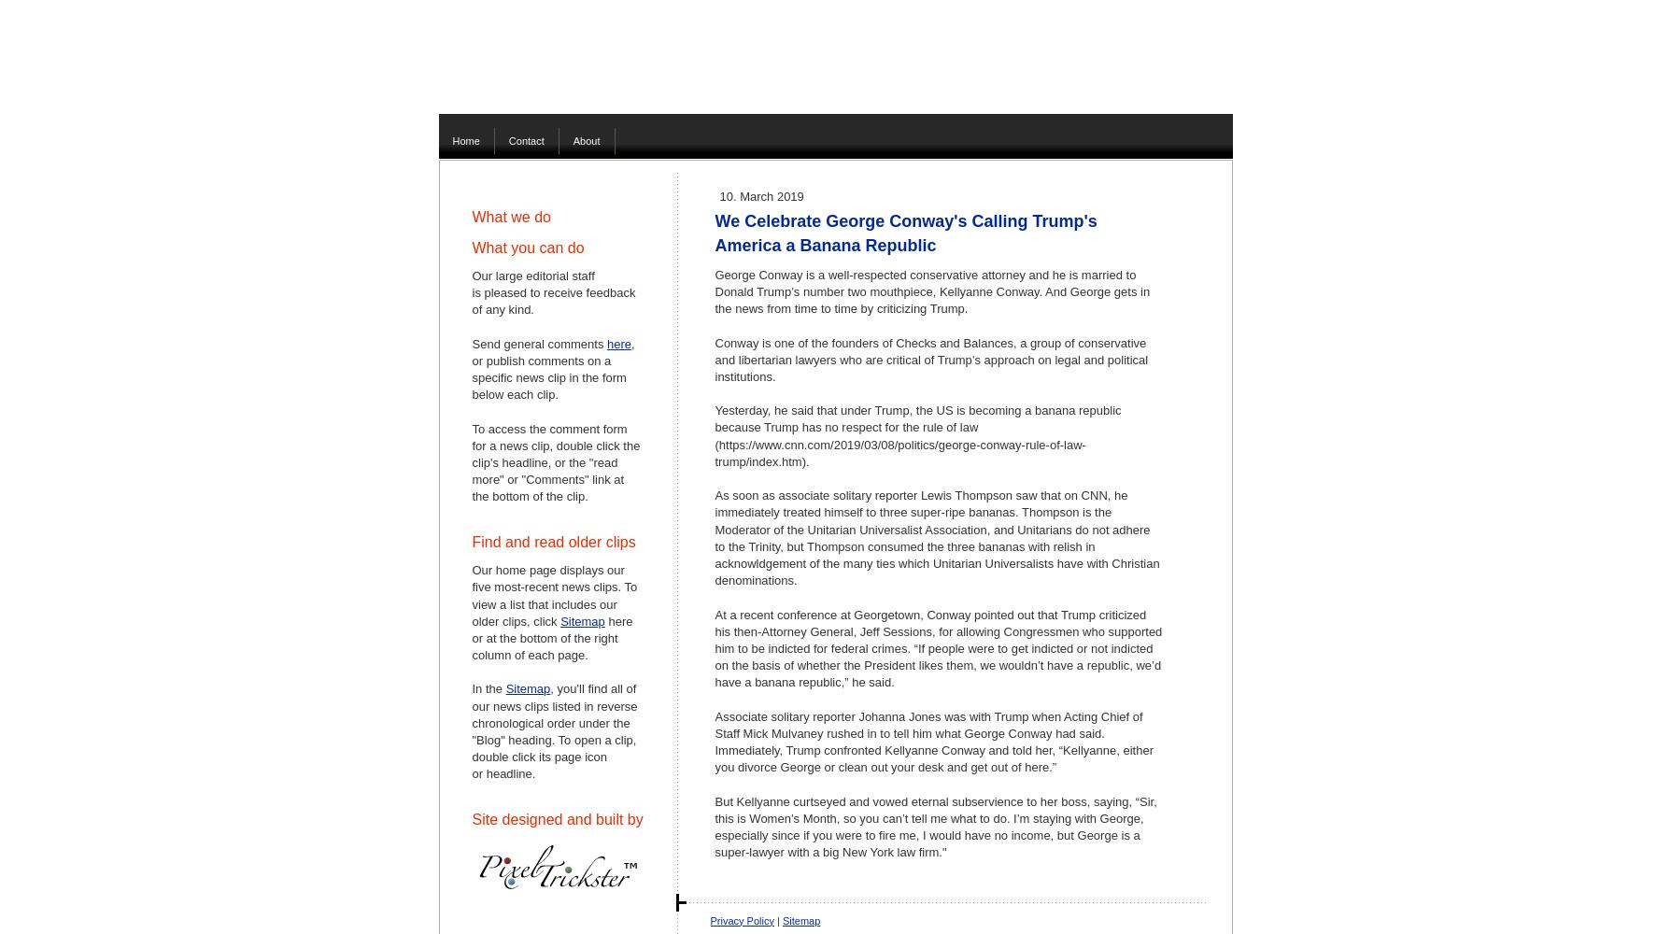  Describe the element at coordinates (931, 291) in the screenshot. I see `'George Conway is a well-respected conservative attorney and he is married to Donald Trump’s number two mouthpiece, Kellyanne Conway. And George gets in the news from time to time by criticizing
    Trump.'` at that location.